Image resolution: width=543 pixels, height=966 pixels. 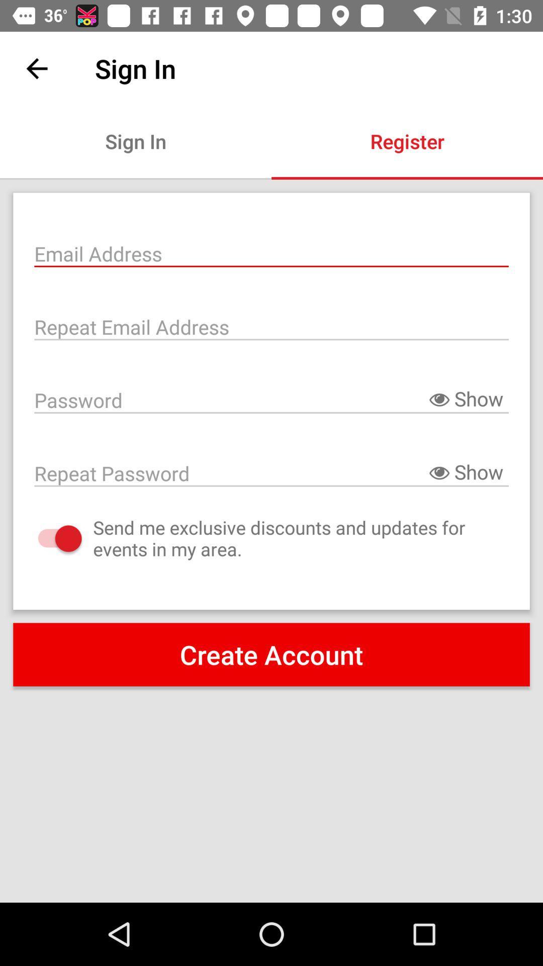 What do you see at coordinates (36, 68) in the screenshot?
I see `the icon above sign in item` at bounding box center [36, 68].